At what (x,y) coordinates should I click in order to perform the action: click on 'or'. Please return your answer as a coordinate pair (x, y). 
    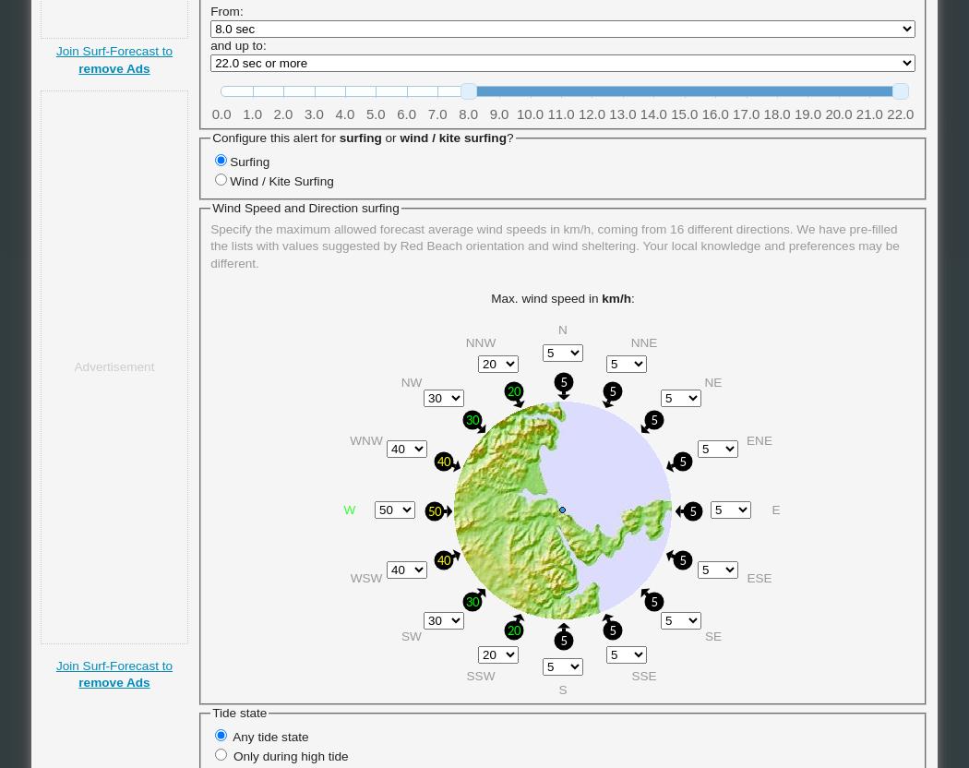
    Looking at the image, I should click on (380, 137).